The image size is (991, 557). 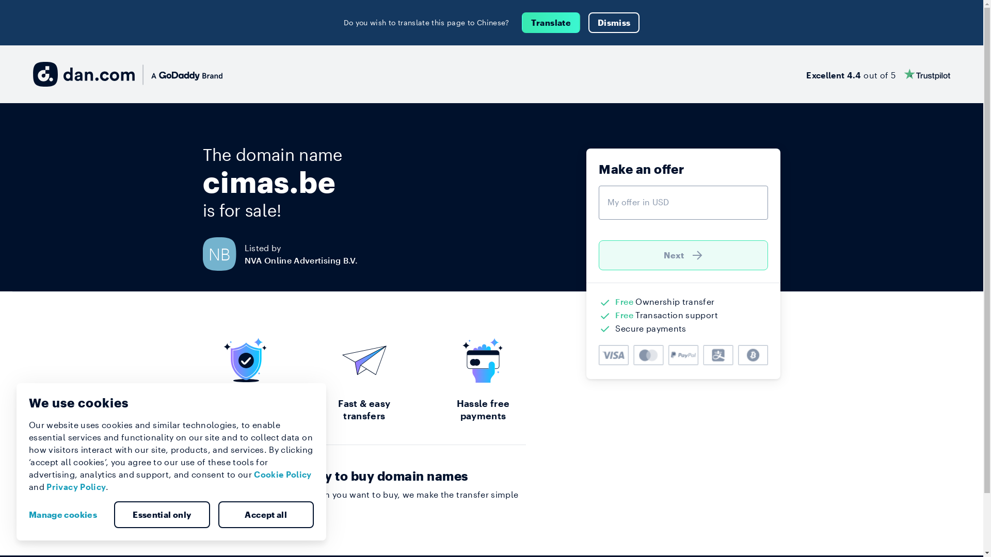 What do you see at coordinates (614, 22) in the screenshot?
I see `'Dismiss'` at bounding box center [614, 22].